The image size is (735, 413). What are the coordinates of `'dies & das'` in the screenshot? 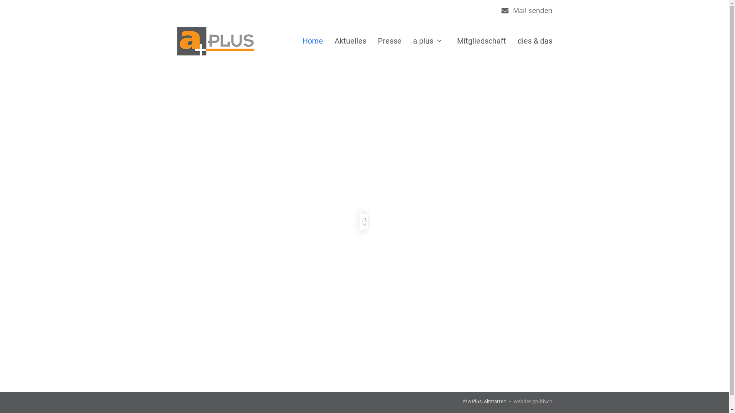 It's located at (534, 41).